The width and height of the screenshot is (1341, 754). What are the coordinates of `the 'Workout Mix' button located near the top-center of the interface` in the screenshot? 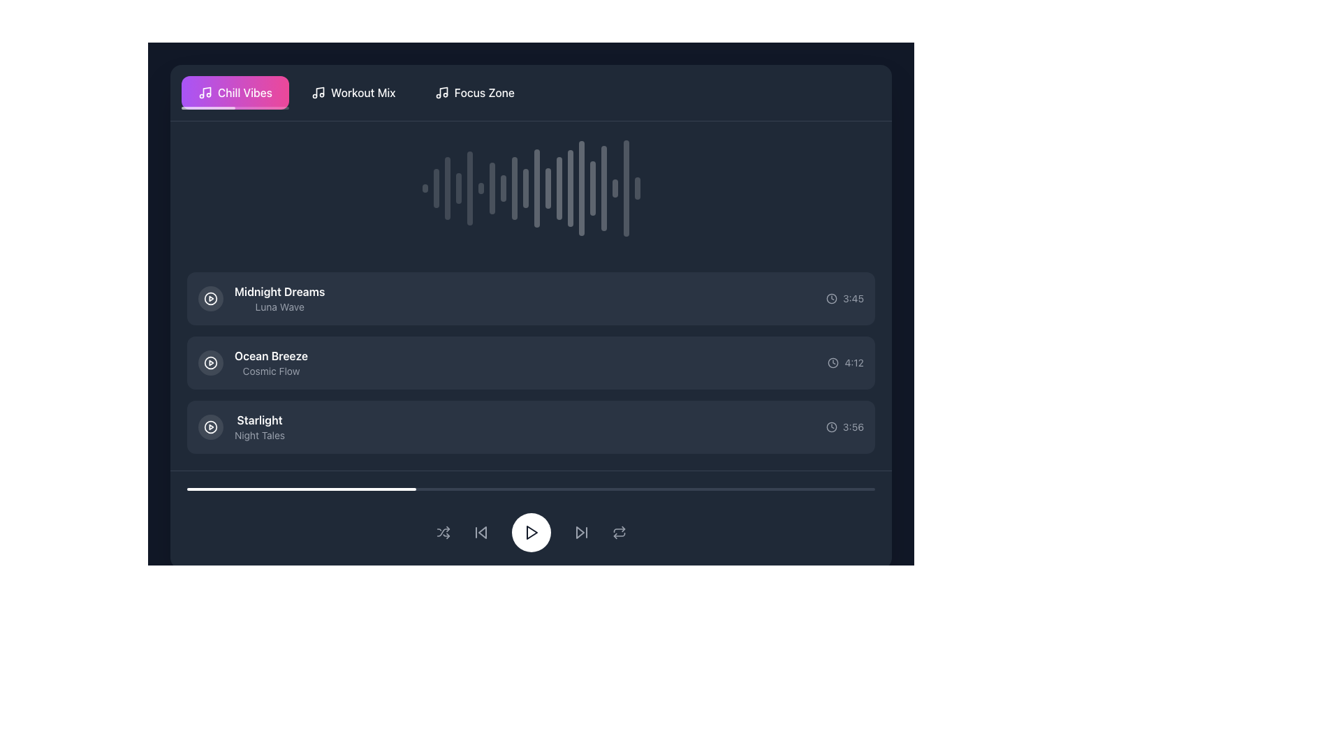 It's located at (353, 92).